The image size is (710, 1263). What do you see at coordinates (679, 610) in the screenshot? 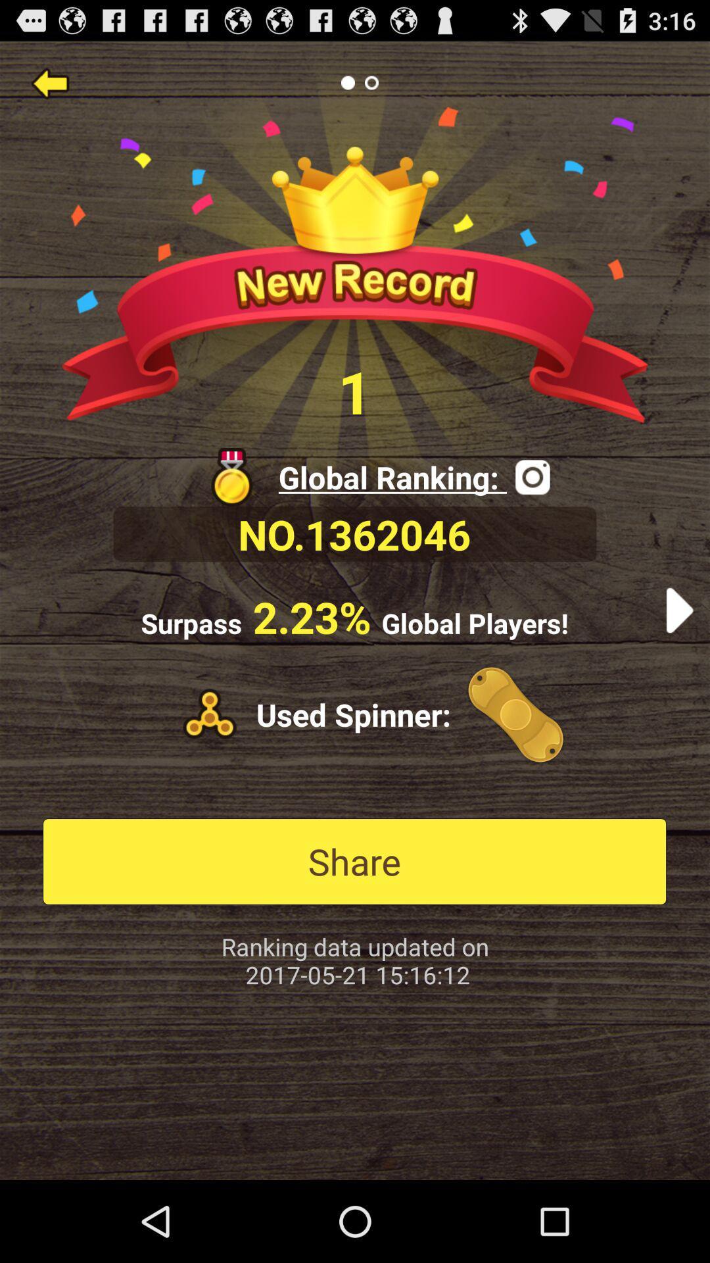
I see `next option` at bounding box center [679, 610].